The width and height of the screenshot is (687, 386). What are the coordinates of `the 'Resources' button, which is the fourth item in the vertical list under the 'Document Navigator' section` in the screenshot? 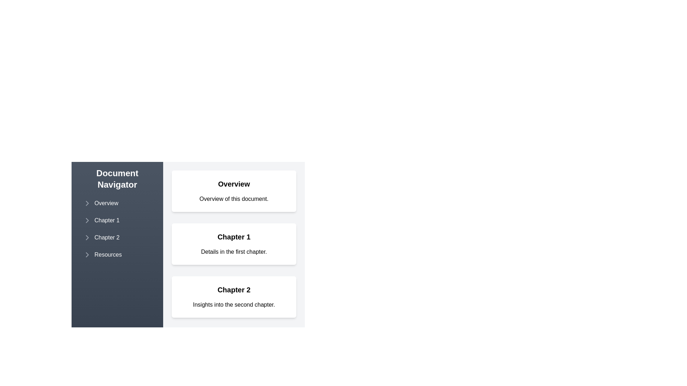 It's located at (117, 254).